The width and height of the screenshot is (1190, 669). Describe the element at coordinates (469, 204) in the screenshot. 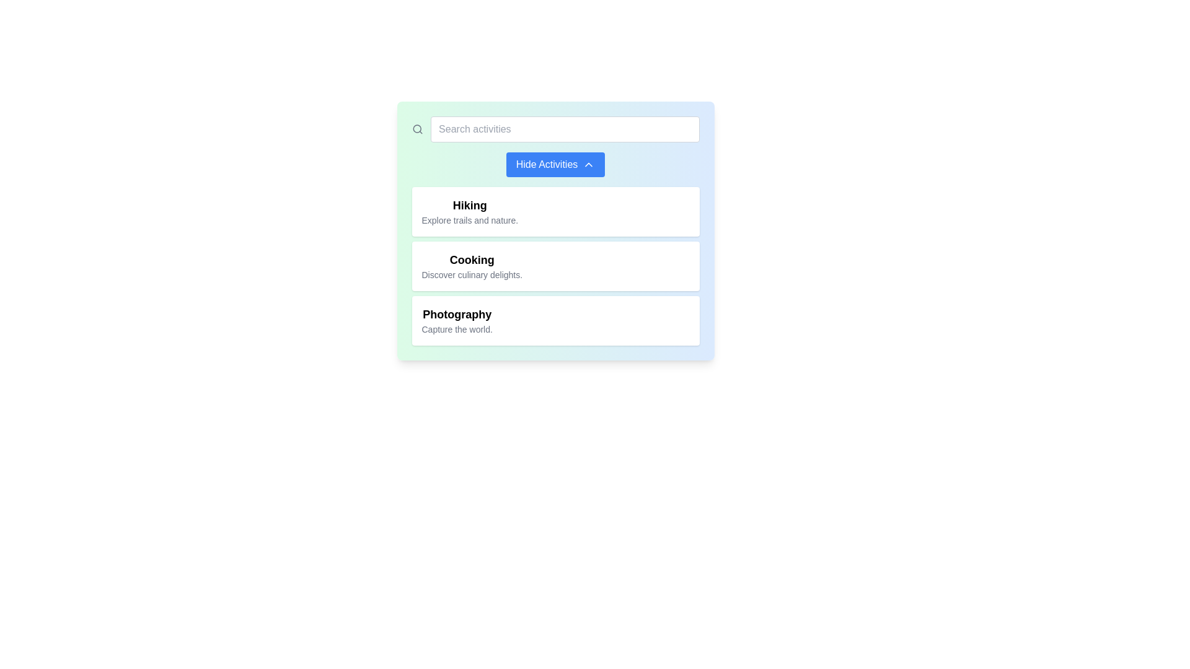

I see `the 'Hiking' text label, which serves as the title for the first card in the vertical stack of options` at that location.